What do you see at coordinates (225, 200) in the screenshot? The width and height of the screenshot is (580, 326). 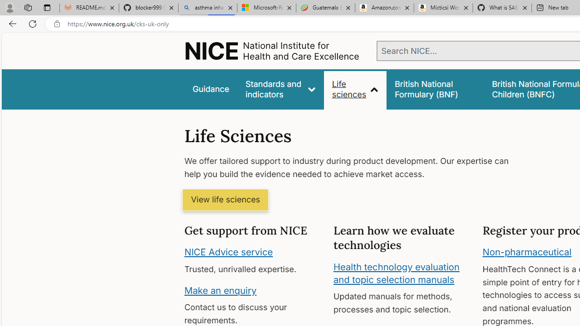 I see `'View life sciences'` at bounding box center [225, 200].